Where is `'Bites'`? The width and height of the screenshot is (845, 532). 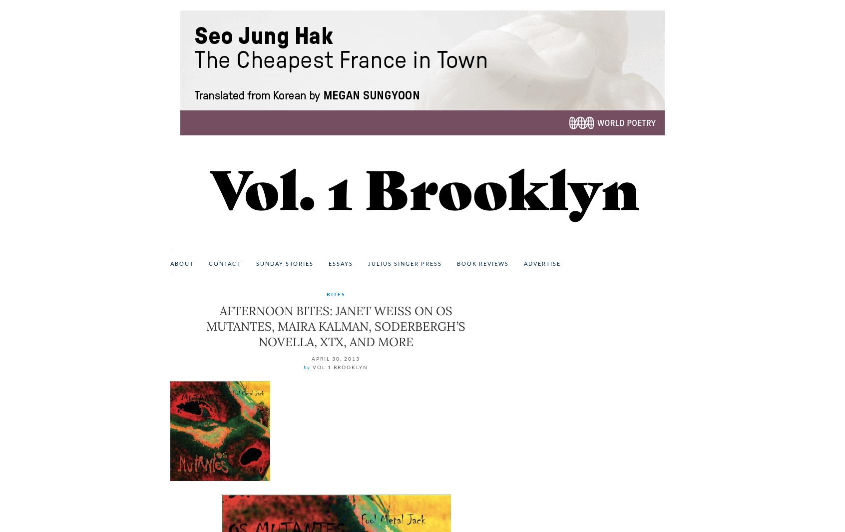
'Bites' is located at coordinates (336, 294).